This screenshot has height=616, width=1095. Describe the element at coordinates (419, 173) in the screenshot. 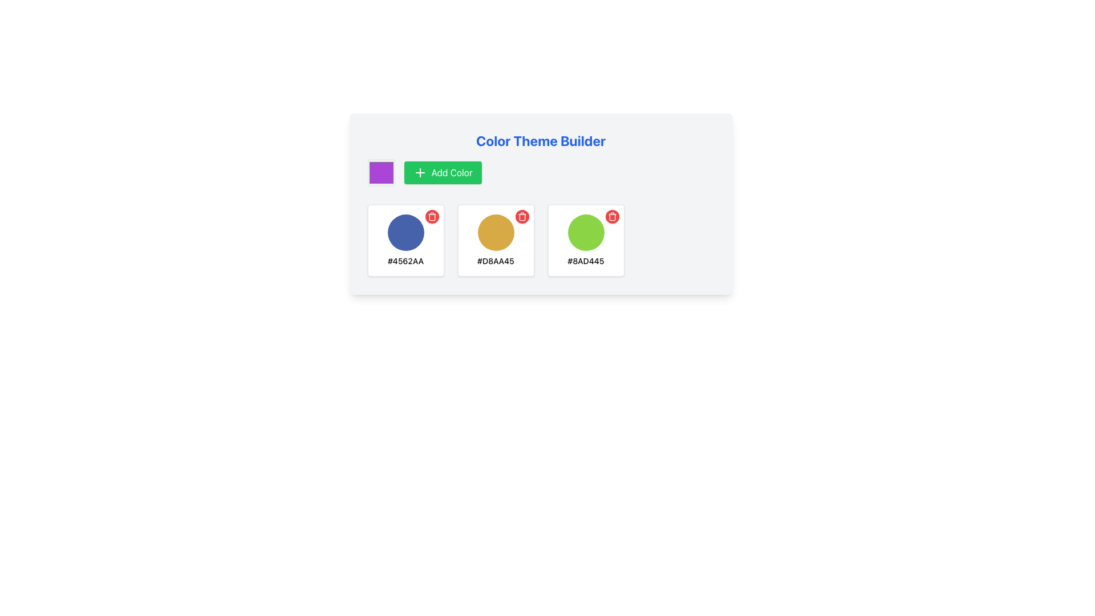

I see `the SVG graphic element that serves as an icon for adding a new color, located within the green rectangular button labeled 'Add Color' in the toolbar of the color picker interface` at that location.